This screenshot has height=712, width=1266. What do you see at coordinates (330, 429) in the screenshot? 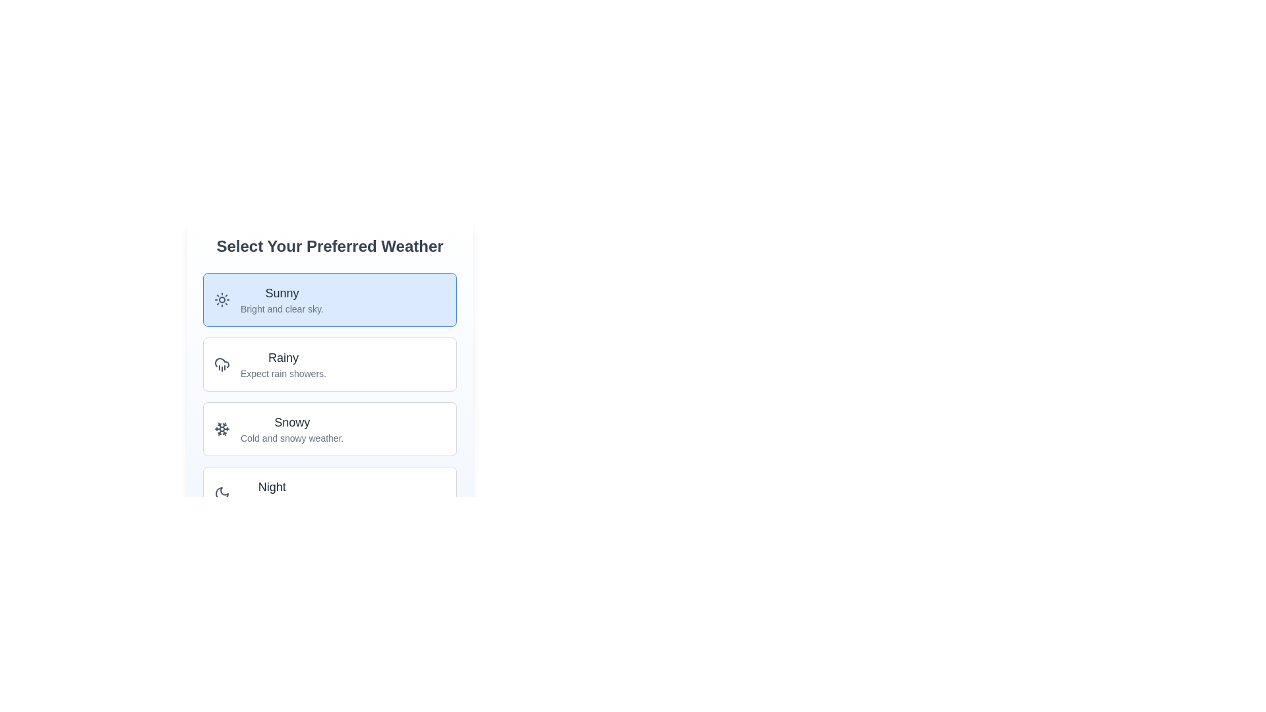
I see `text content of the selectable option block titled 'Snowy', which includes the subtitle 'Cold and snowy weather.'` at bounding box center [330, 429].